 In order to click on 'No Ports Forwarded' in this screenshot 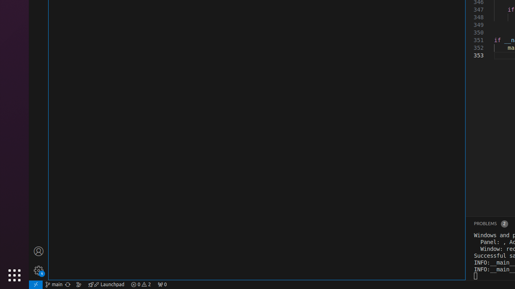, I will do `click(161, 284)`.